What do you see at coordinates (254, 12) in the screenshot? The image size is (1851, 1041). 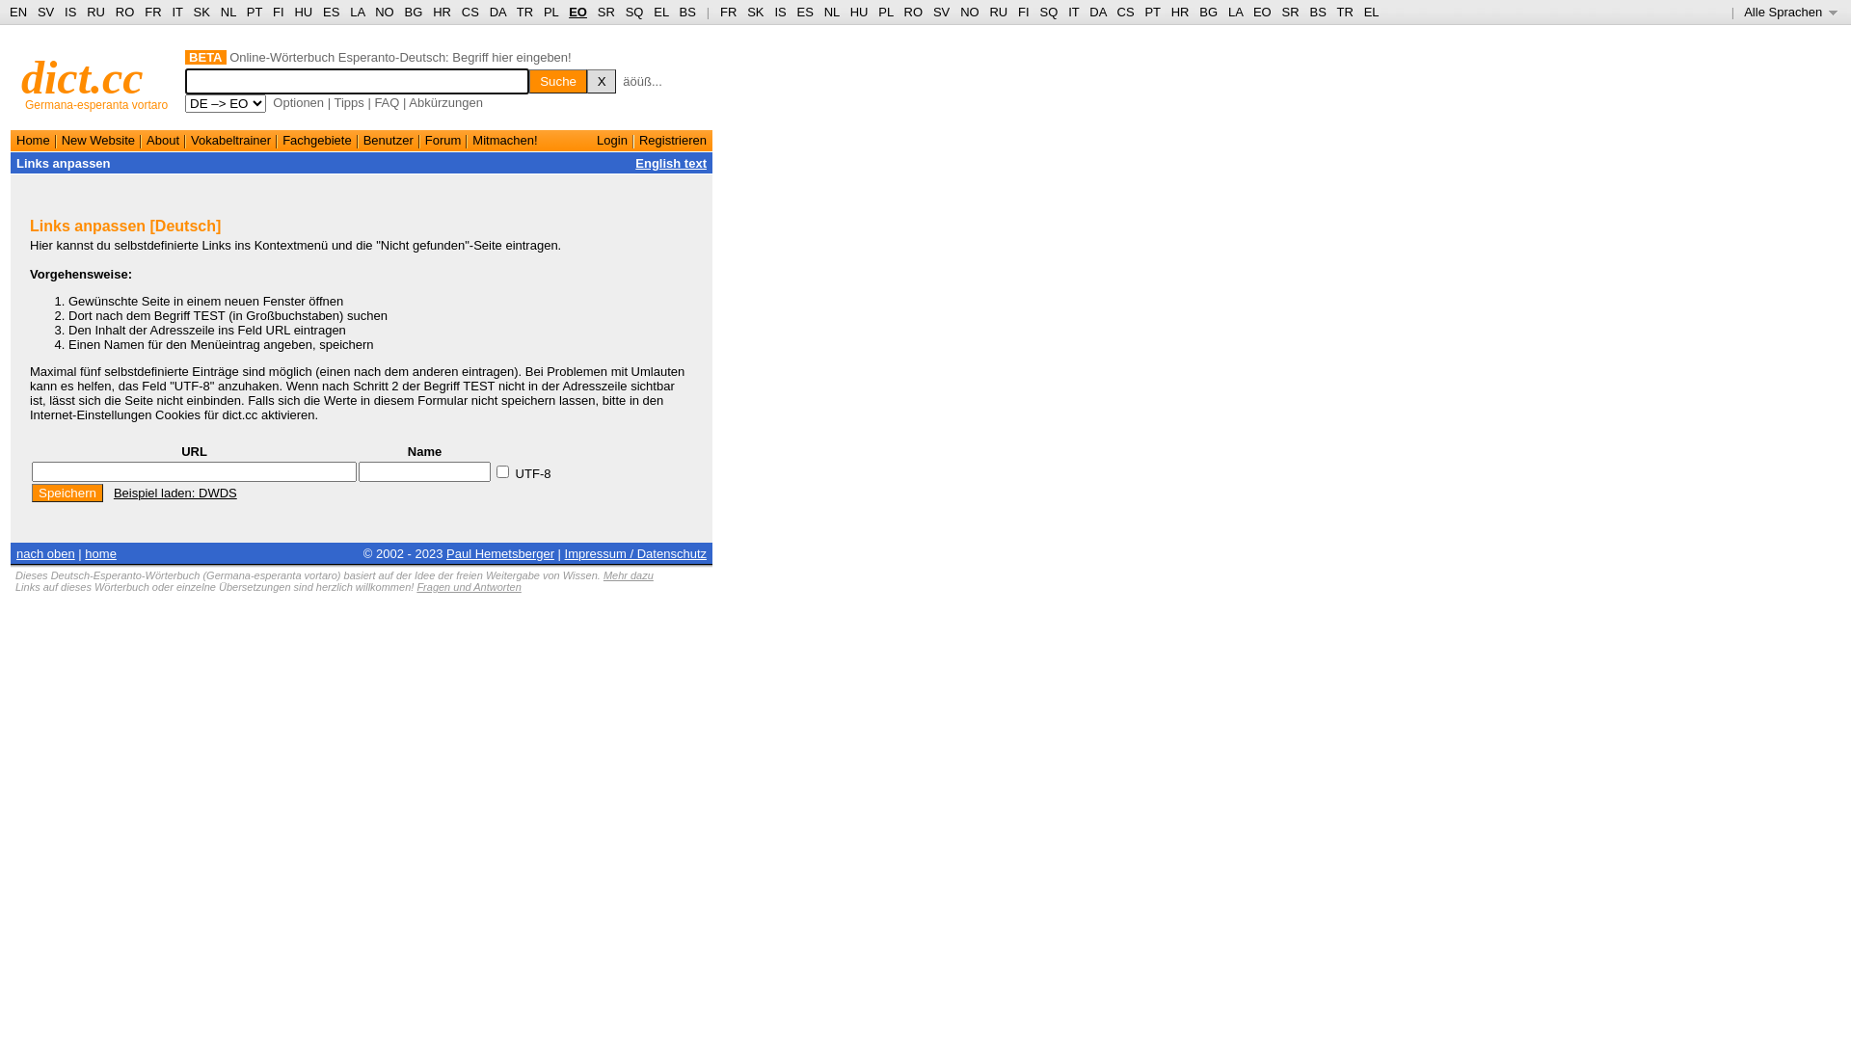 I see `'PT'` at bounding box center [254, 12].